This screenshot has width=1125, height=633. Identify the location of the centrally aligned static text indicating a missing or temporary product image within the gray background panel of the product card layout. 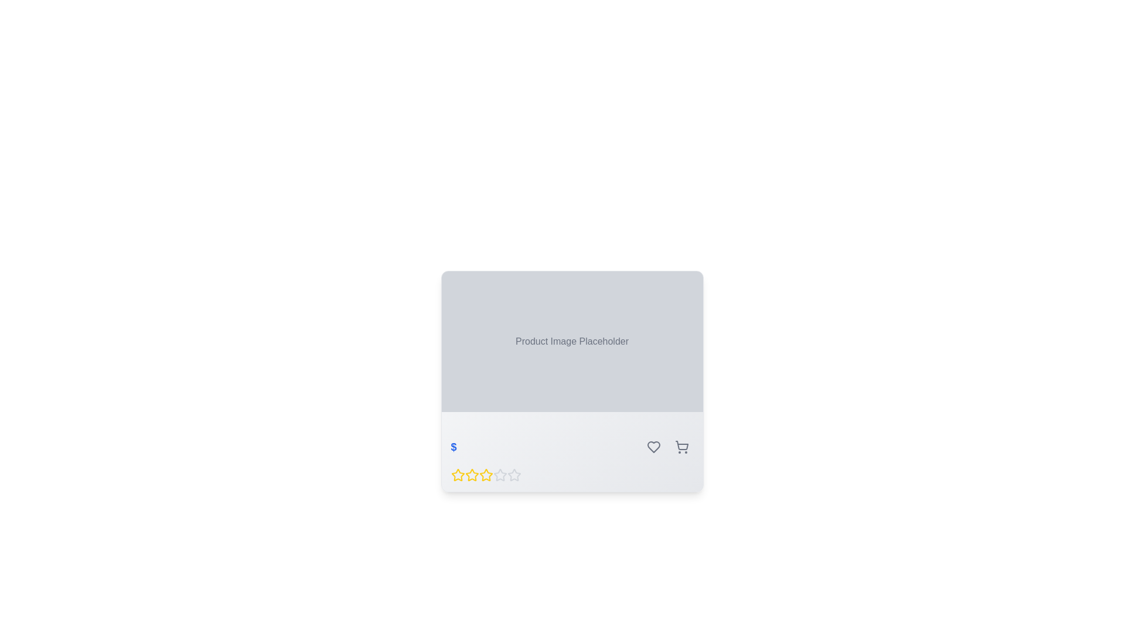
(572, 341).